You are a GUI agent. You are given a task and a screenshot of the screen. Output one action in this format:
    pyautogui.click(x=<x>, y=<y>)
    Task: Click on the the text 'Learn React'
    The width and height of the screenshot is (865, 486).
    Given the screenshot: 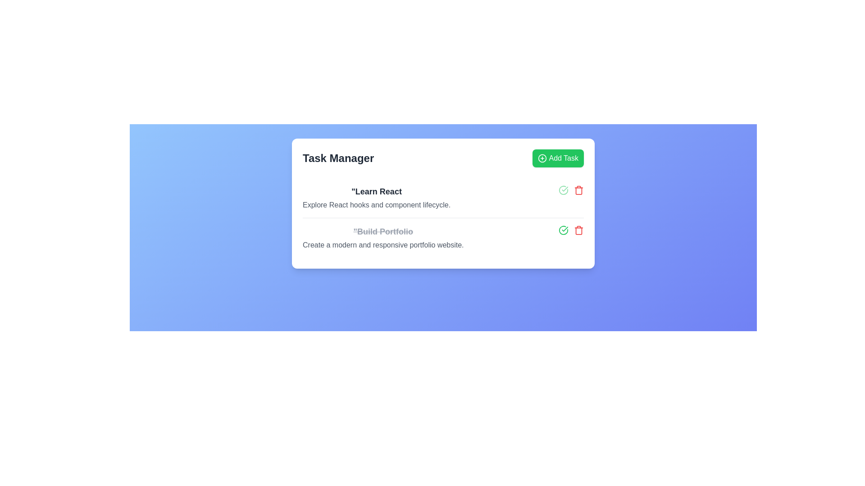 What is the action you would take?
    pyautogui.click(x=377, y=197)
    